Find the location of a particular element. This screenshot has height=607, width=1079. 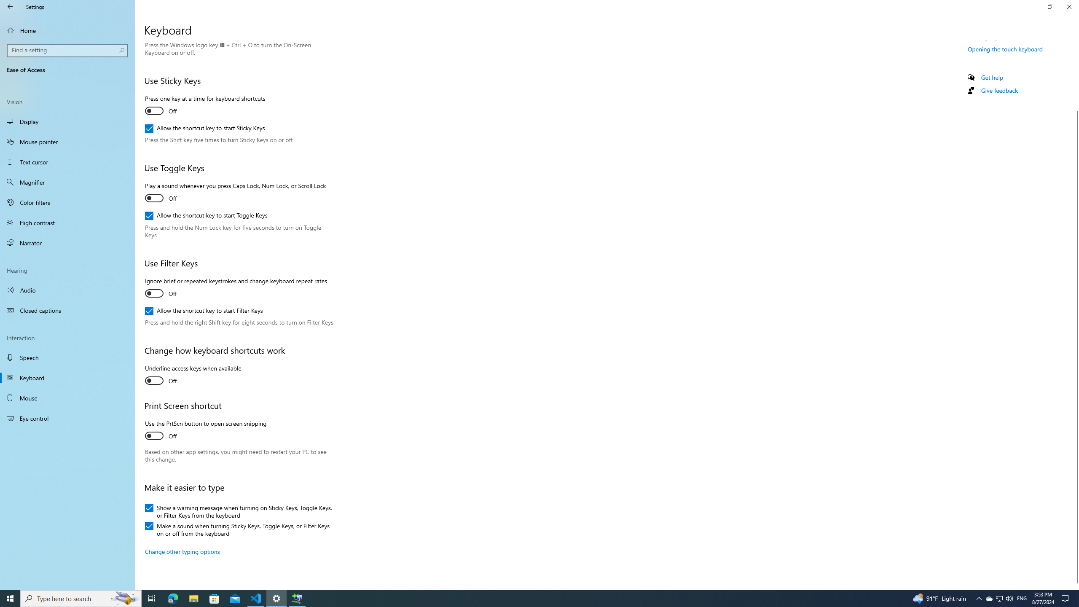

'Opening the touch keyboard' is located at coordinates (1005, 48).